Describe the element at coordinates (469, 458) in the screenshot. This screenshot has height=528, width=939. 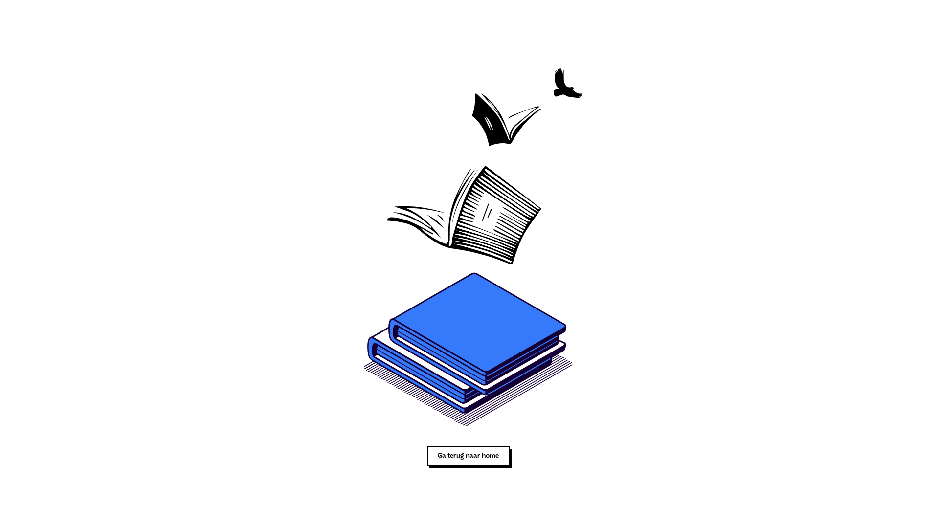
I see `'Ga terug naar home` at that location.